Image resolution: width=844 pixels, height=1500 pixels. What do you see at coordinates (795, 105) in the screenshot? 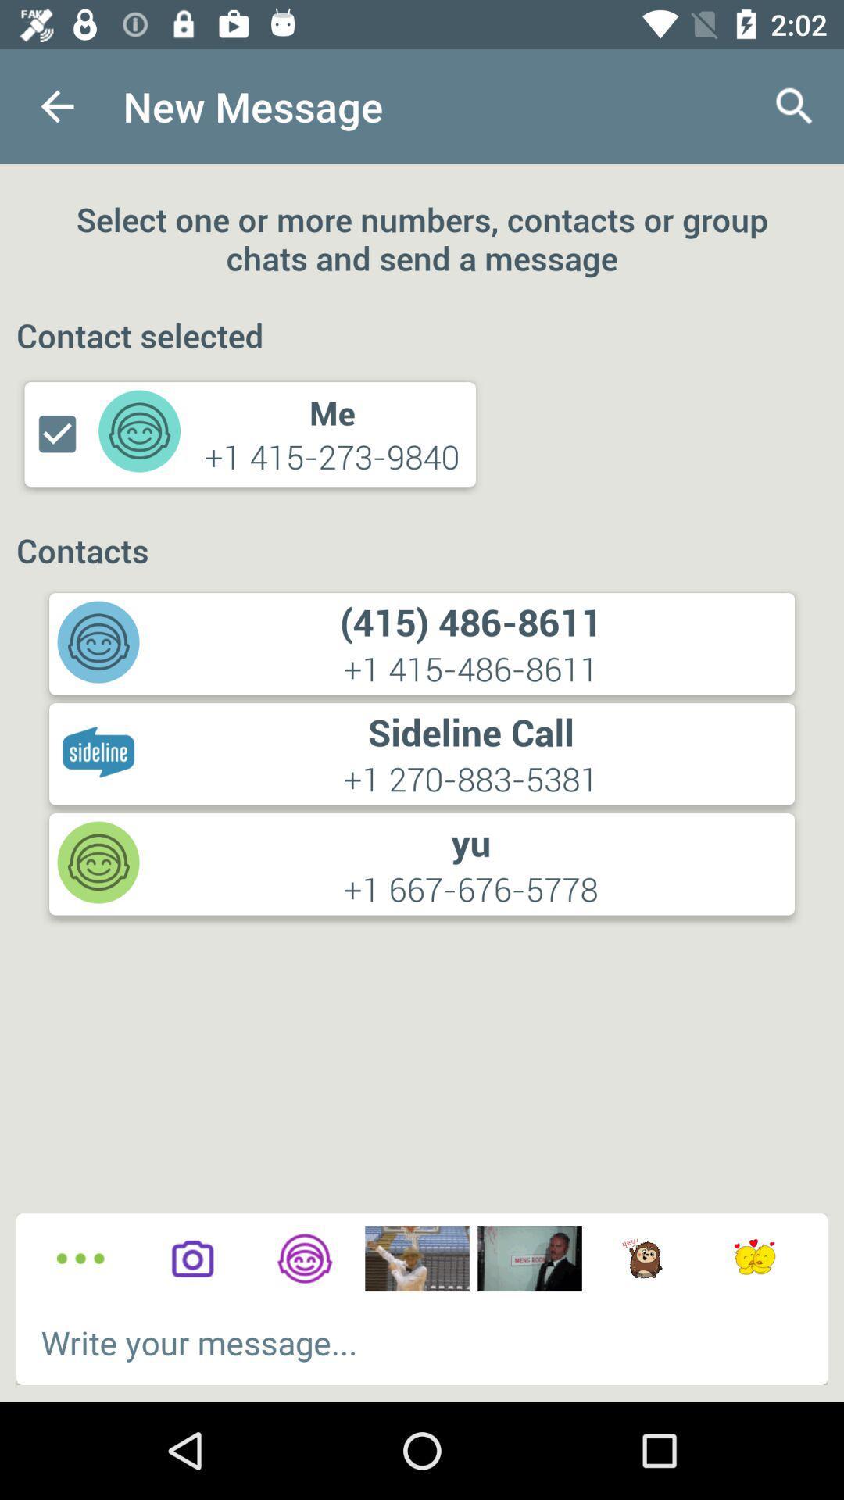
I see `icon at the top right corner` at bounding box center [795, 105].